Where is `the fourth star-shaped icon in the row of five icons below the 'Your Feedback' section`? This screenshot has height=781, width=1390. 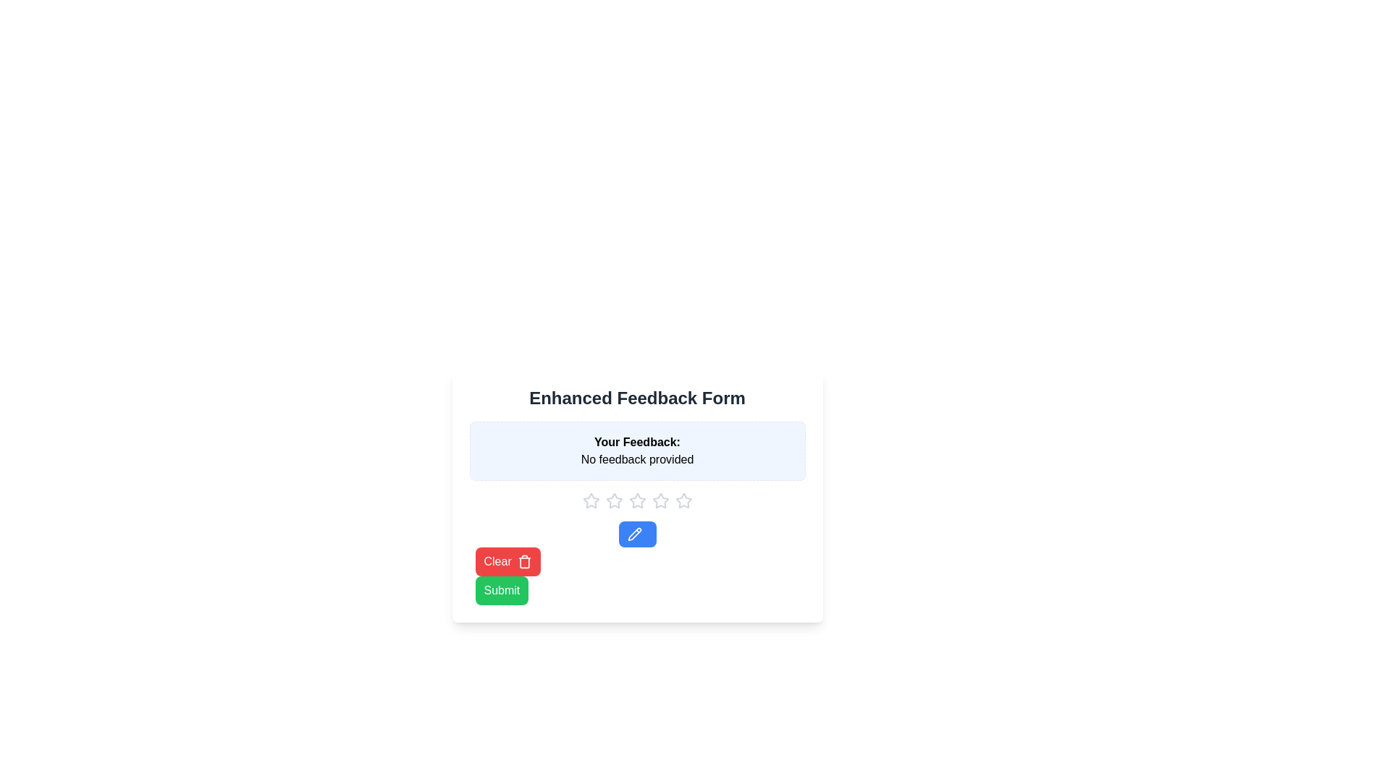 the fourth star-shaped icon in the row of five icons below the 'Your Feedback' section is located at coordinates (637, 500).